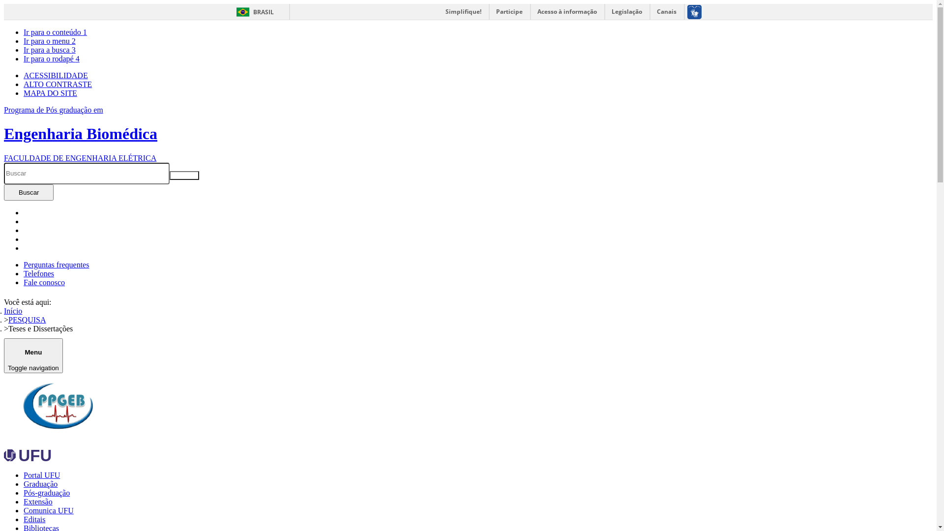 The height and width of the screenshot is (531, 944). What do you see at coordinates (34, 519) in the screenshot?
I see `'Editais'` at bounding box center [34, 519].